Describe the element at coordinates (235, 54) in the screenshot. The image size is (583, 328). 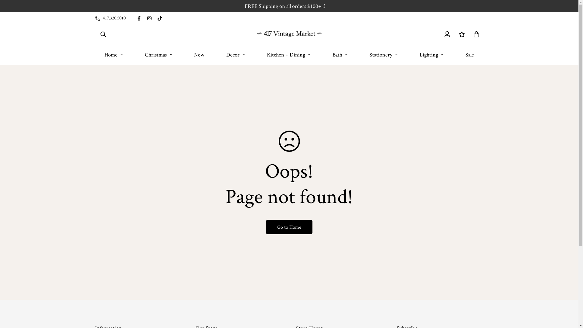
I see `'Decor'` at that location.